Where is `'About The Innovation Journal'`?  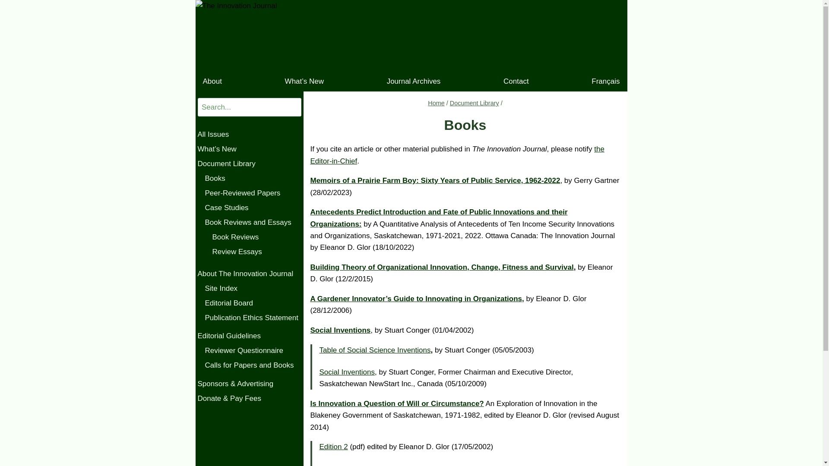
'About The Innovation Journal' is located at coordinates (197, 274).